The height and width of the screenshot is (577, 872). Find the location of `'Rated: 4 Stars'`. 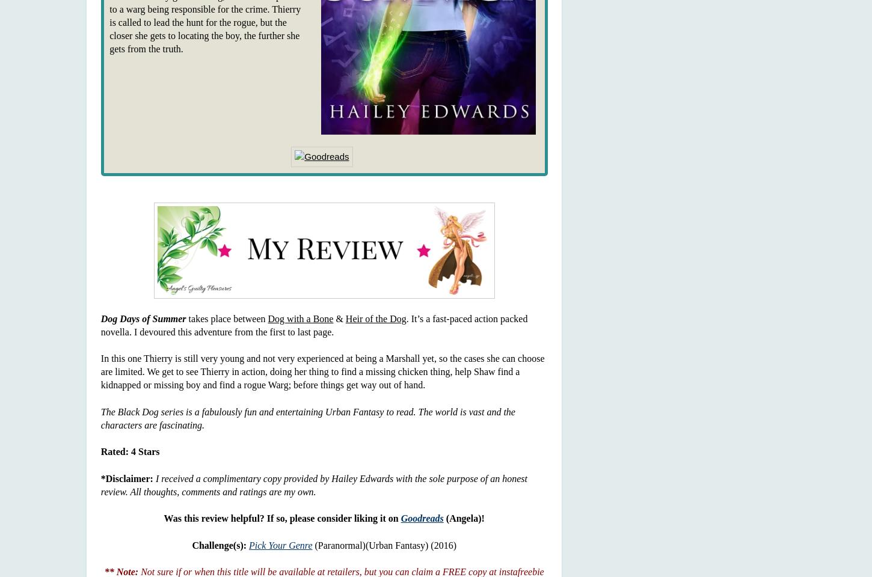

'Rated: 4 Stars' is located at coordinates (129, 451).